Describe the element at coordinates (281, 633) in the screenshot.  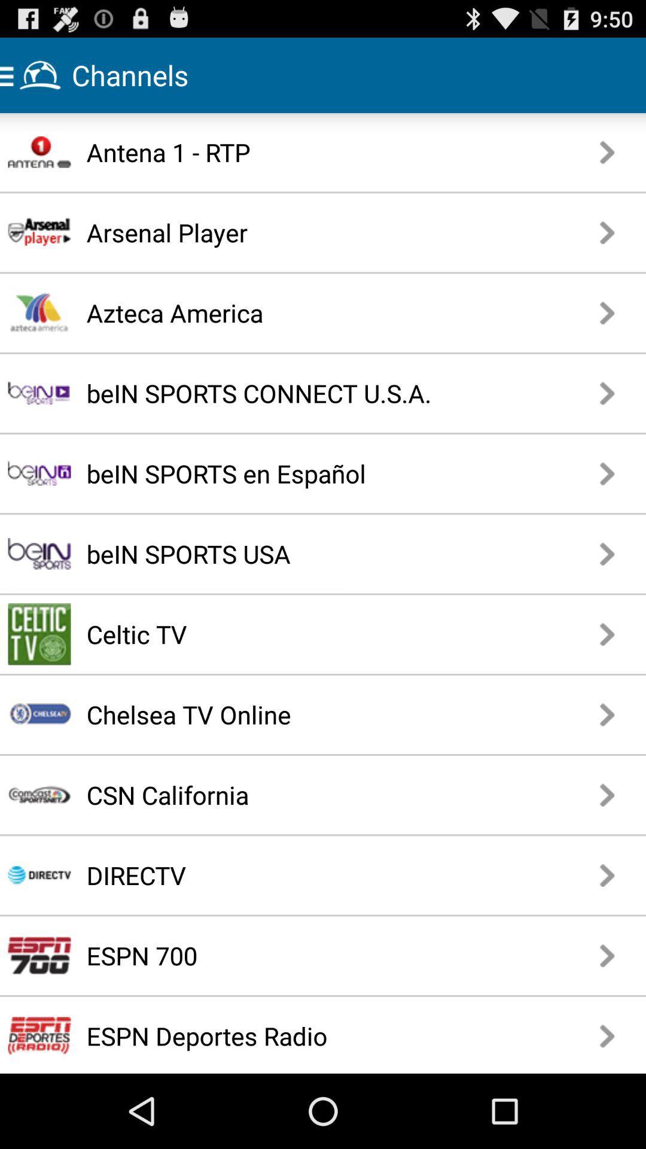
I see `the icon above the chelsea tv online` at that location.